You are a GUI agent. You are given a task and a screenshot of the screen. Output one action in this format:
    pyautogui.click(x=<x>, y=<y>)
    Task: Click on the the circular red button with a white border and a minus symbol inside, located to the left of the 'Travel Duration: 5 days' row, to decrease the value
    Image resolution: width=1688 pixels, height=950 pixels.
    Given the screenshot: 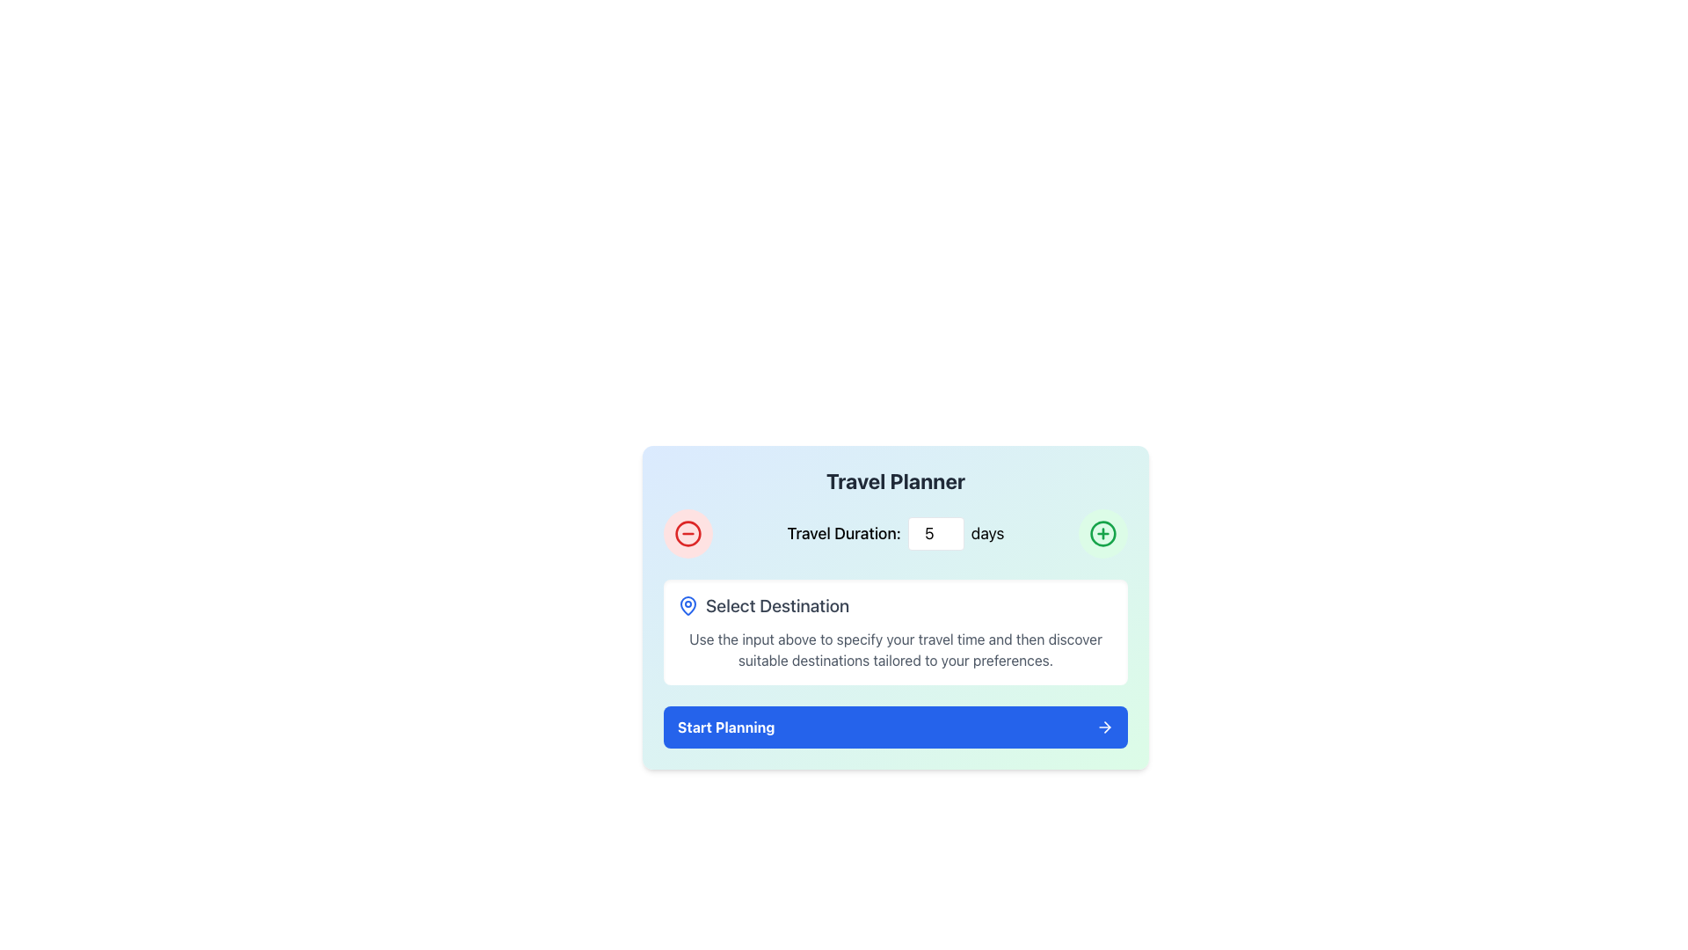 What is the action you would take?
    pyautogui.click(x=687, y=532)
    